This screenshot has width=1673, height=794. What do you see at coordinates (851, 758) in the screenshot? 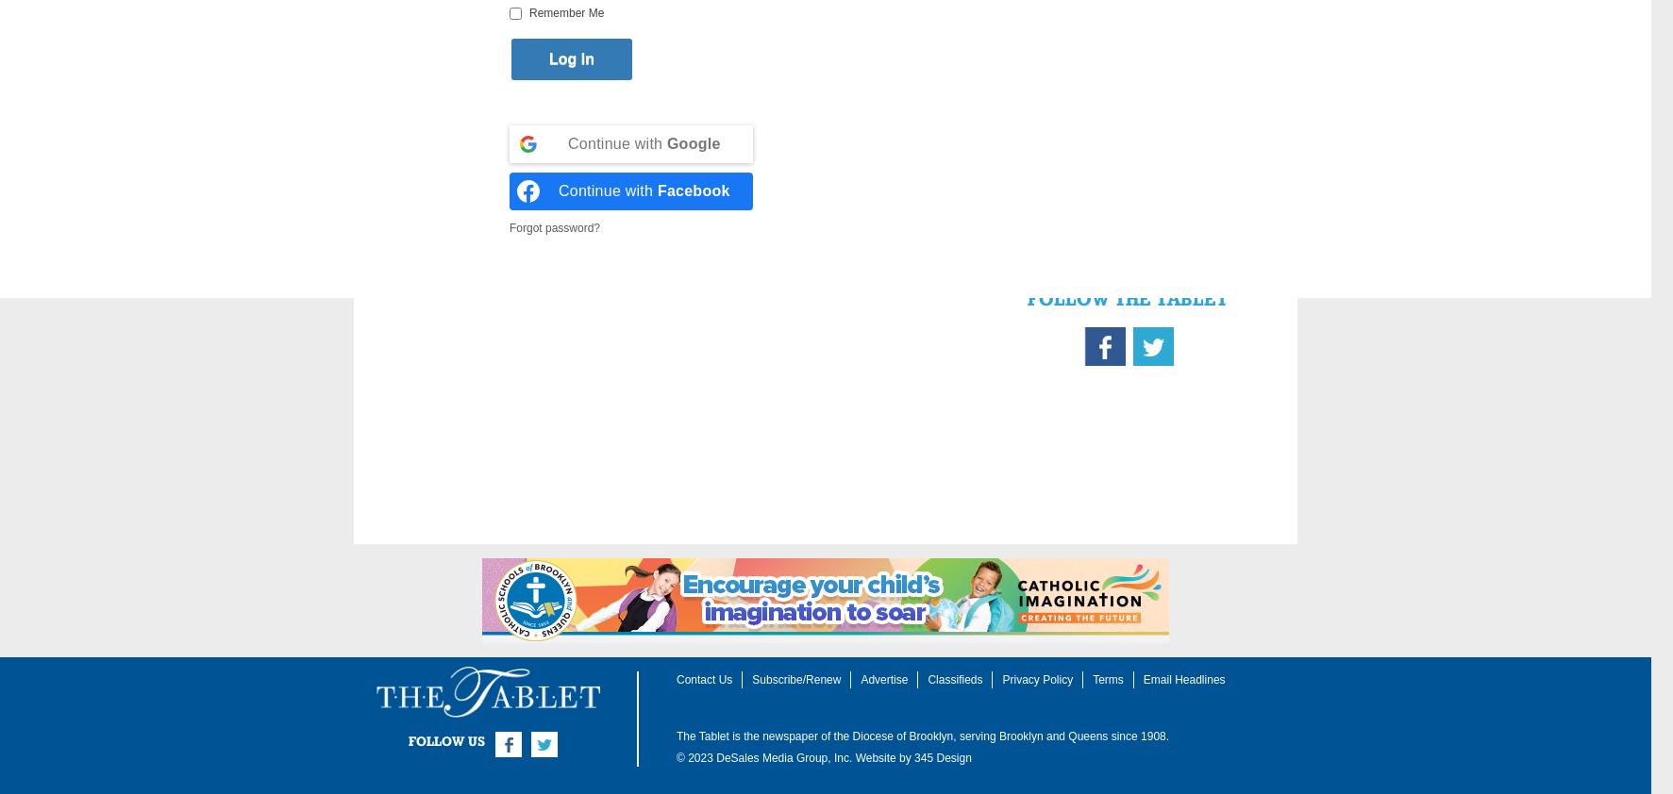
I see `'Website by'` at bounding box center [851, 758].